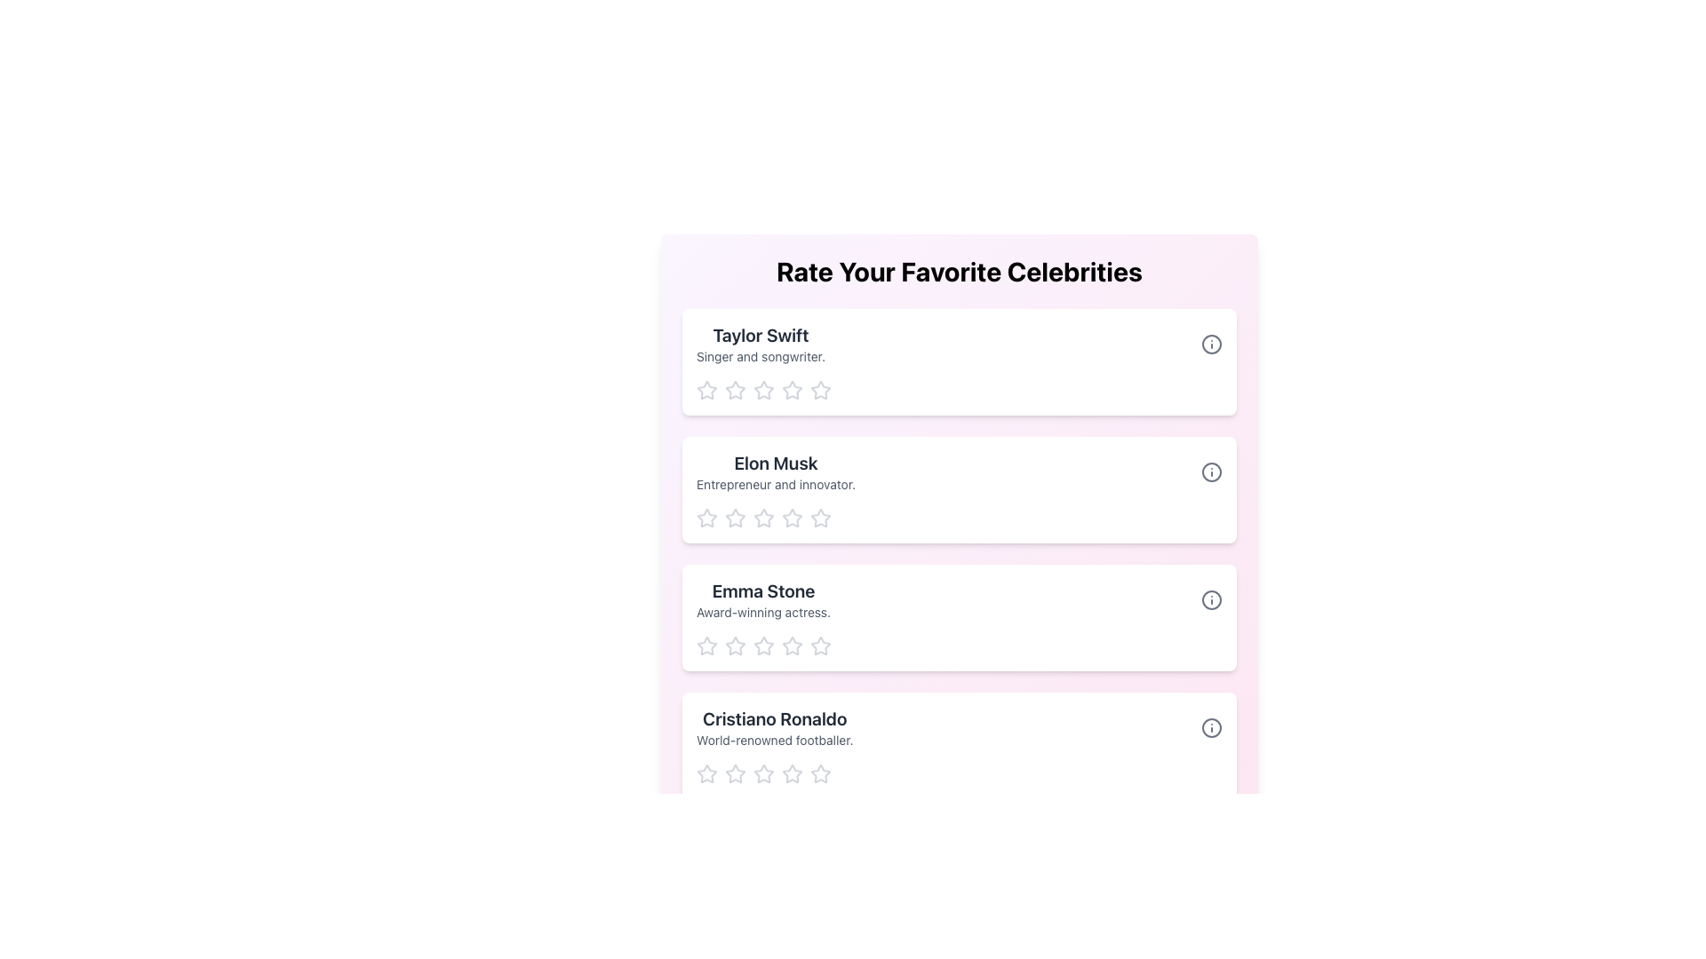  I want to click on the informational button located to the right of the text 'Taylor Swift Singer and songwriter' in the topmost section of the list, so click(1210, 345).